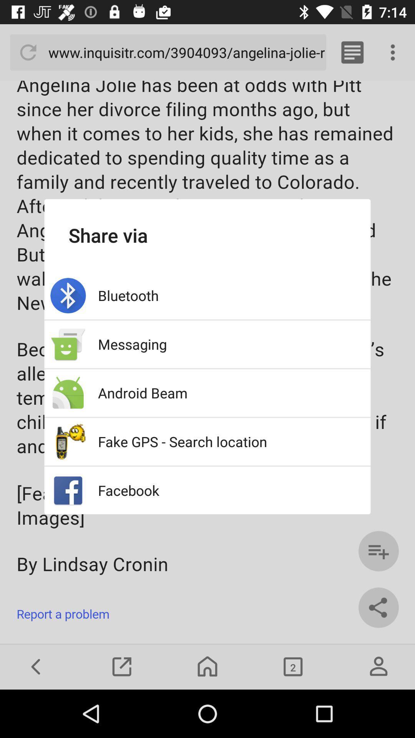 This screenshot has height=738, width=415. What do you see at coordinates (36, 666) in the screenshot?
I see `the arrow_backward icon` at bounding box center [36, 666].